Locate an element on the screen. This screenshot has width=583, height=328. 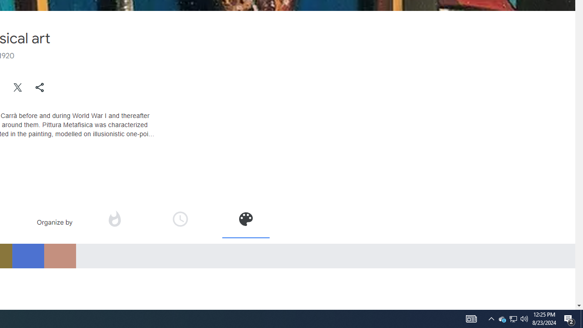
'Organize by time' is located at coordinates (180, 222).